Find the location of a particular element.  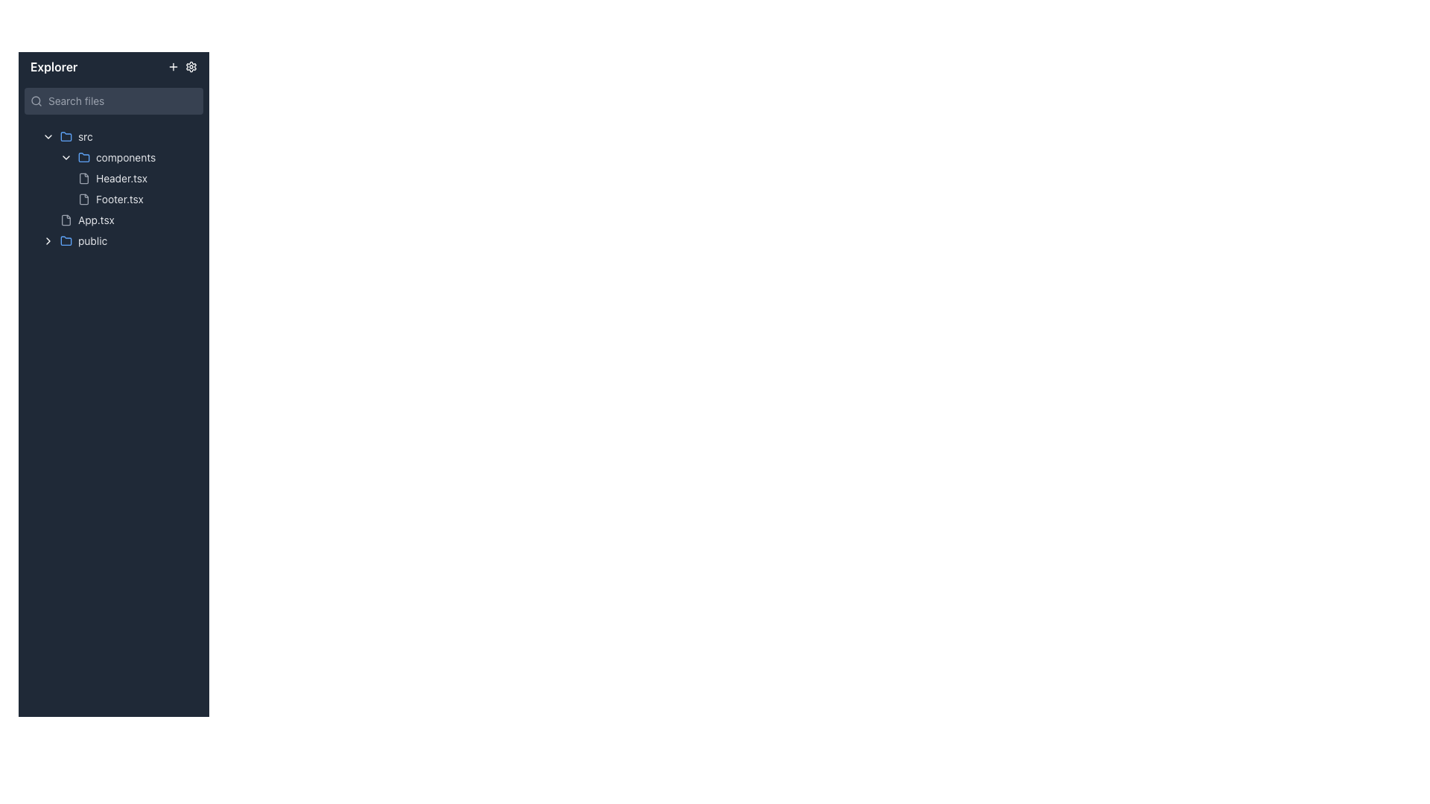

the text label 'components' in the dark-themed navigation panel is located at coordinates (126, 158).